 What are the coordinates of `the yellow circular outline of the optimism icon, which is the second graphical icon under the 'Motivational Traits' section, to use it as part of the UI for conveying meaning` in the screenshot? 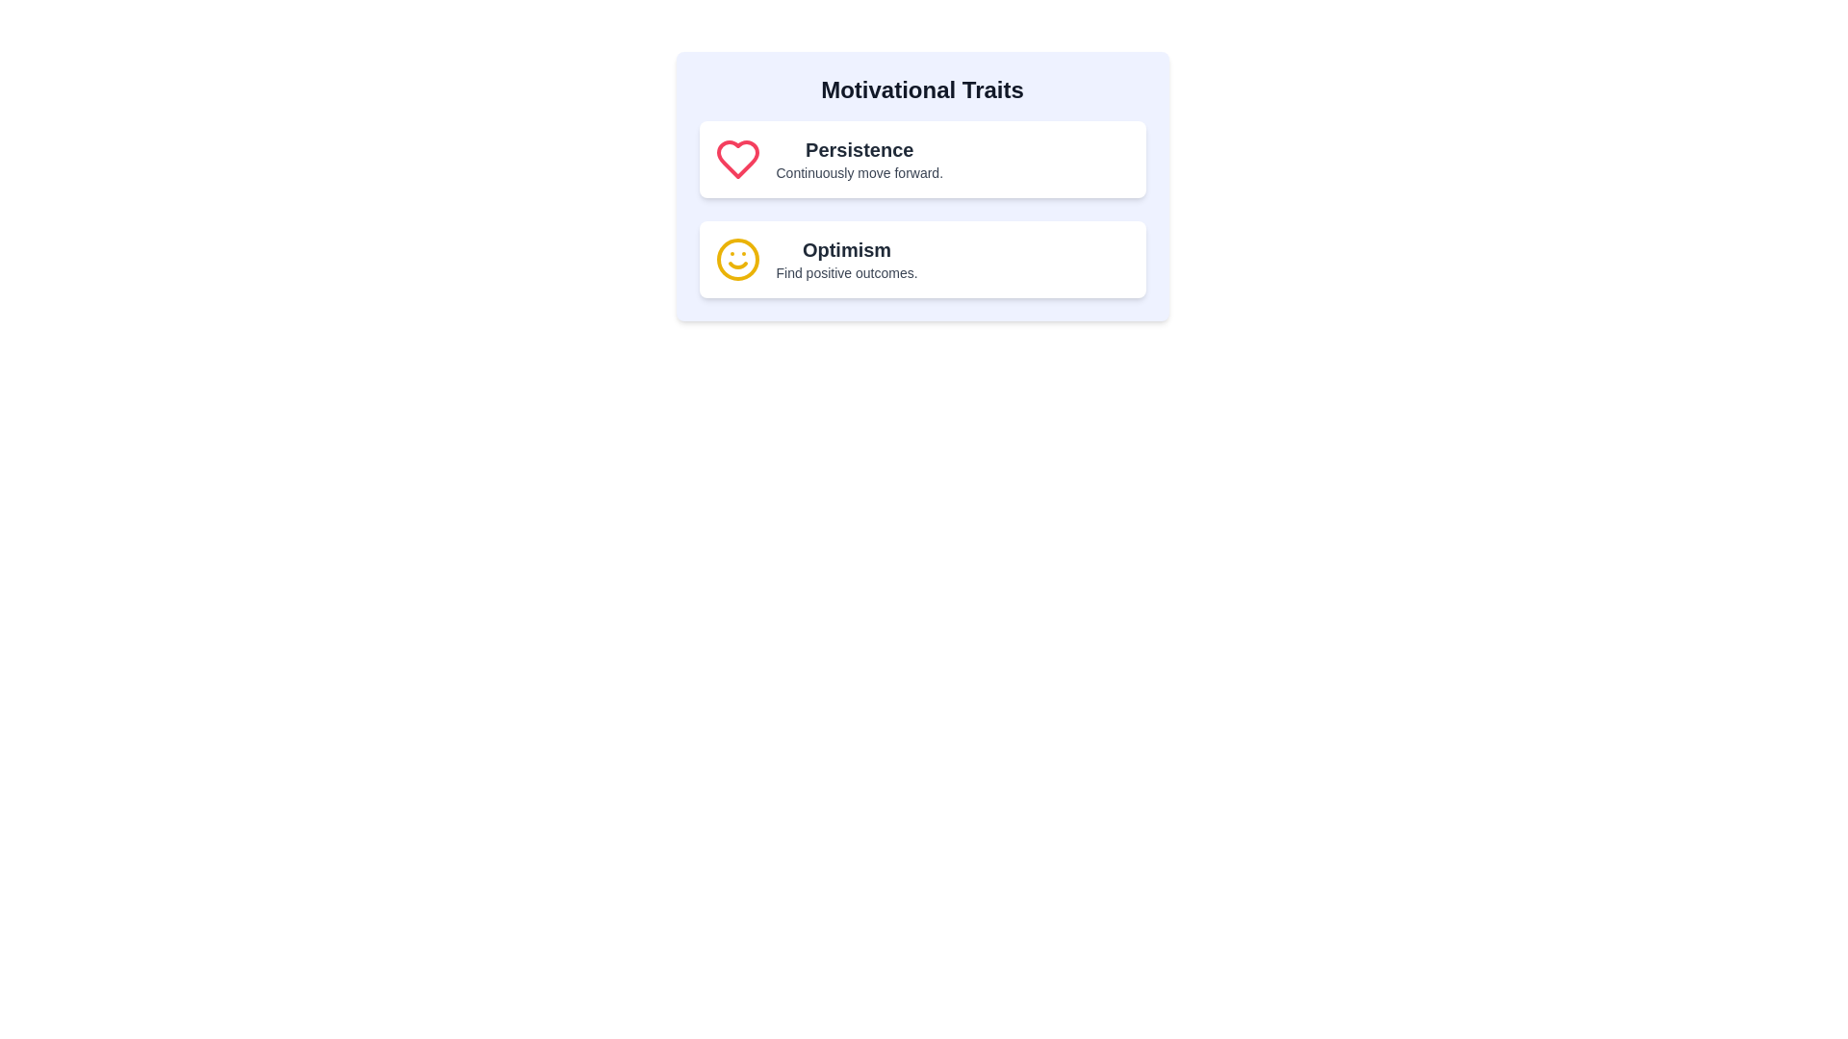 It's located at (736, 260).